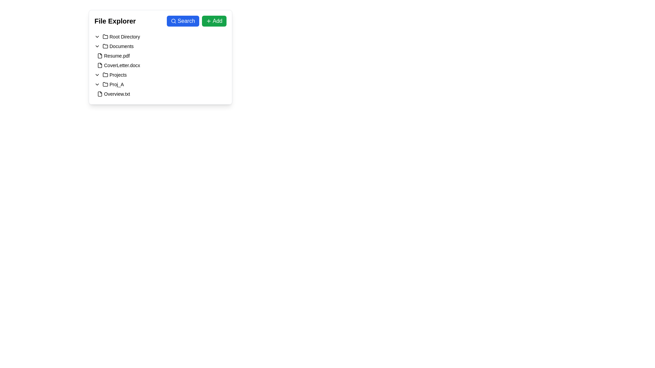  I want to click on the text label displaying 'Proj_A', which is styled with medium font weight and, so click(113, 84).